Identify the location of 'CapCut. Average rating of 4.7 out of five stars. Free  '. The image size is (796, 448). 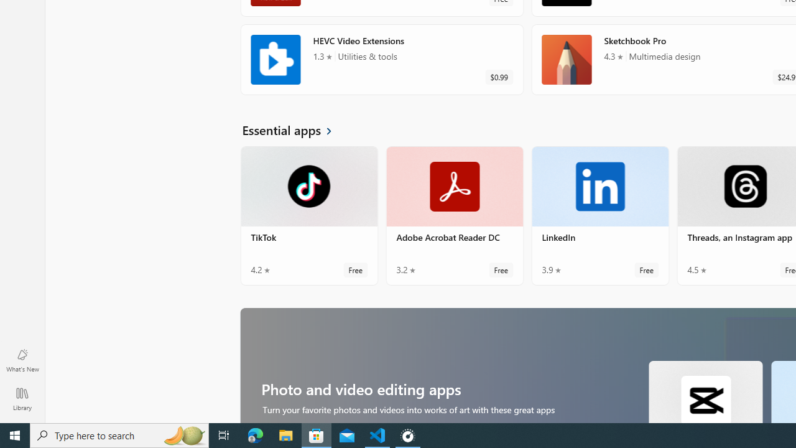
(705, 391).